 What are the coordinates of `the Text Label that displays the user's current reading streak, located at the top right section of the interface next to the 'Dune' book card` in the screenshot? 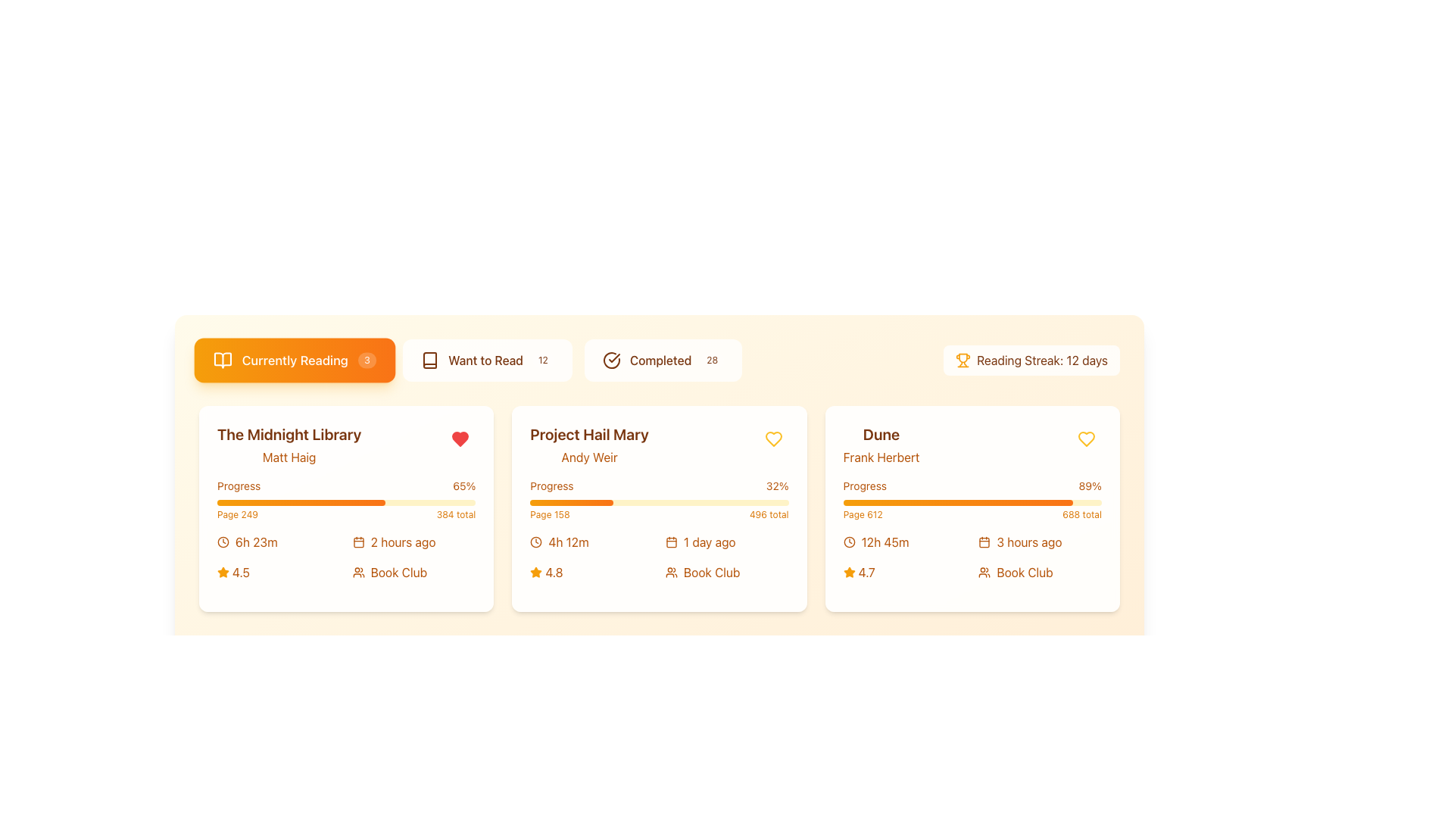 It's located at (1041, 360).